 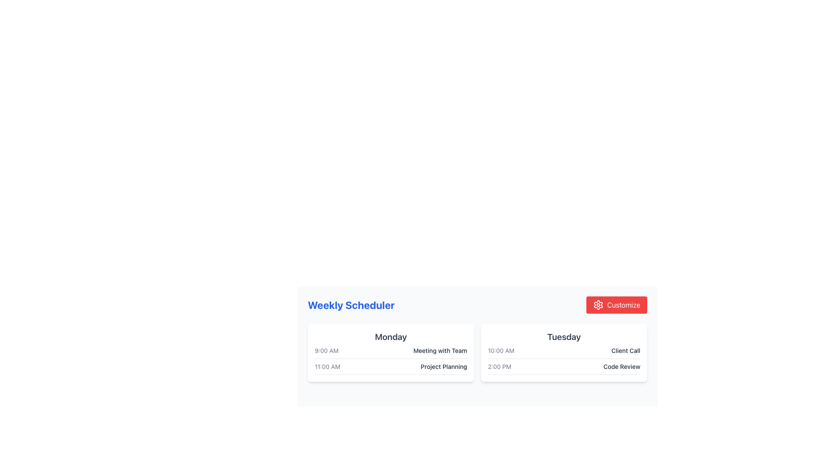 What do you see at coordinates (390, 336) in the screenshot?
I see `the header text element indicating the day in the weekly scheduler interface, positioned at the top of the white rectangular card` at bounding box center [390, 336].